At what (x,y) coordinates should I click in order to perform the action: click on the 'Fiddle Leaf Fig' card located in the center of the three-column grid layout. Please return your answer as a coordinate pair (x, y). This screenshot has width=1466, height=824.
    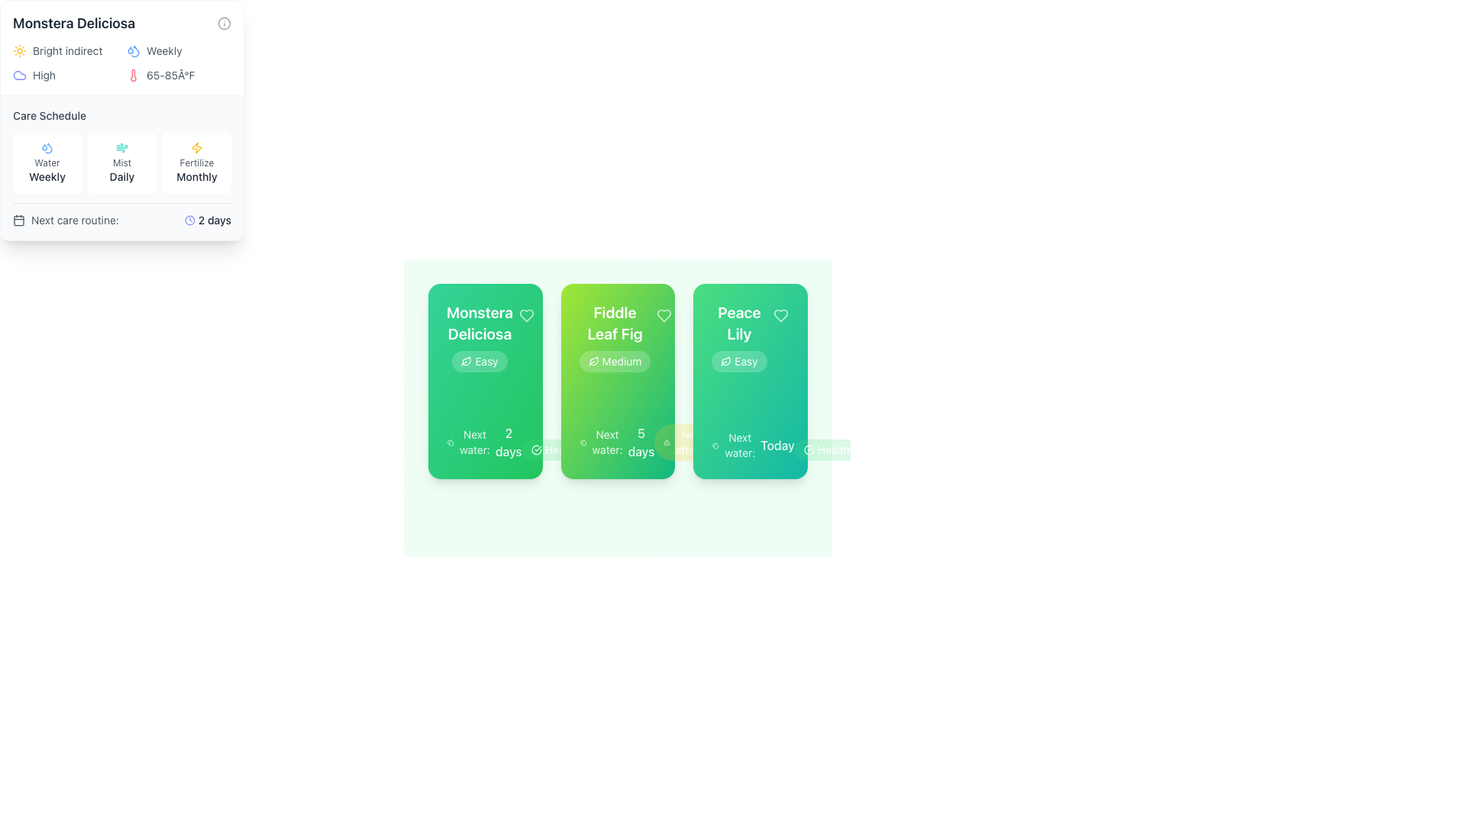
    Looking at the image, I should click on (618, 381).